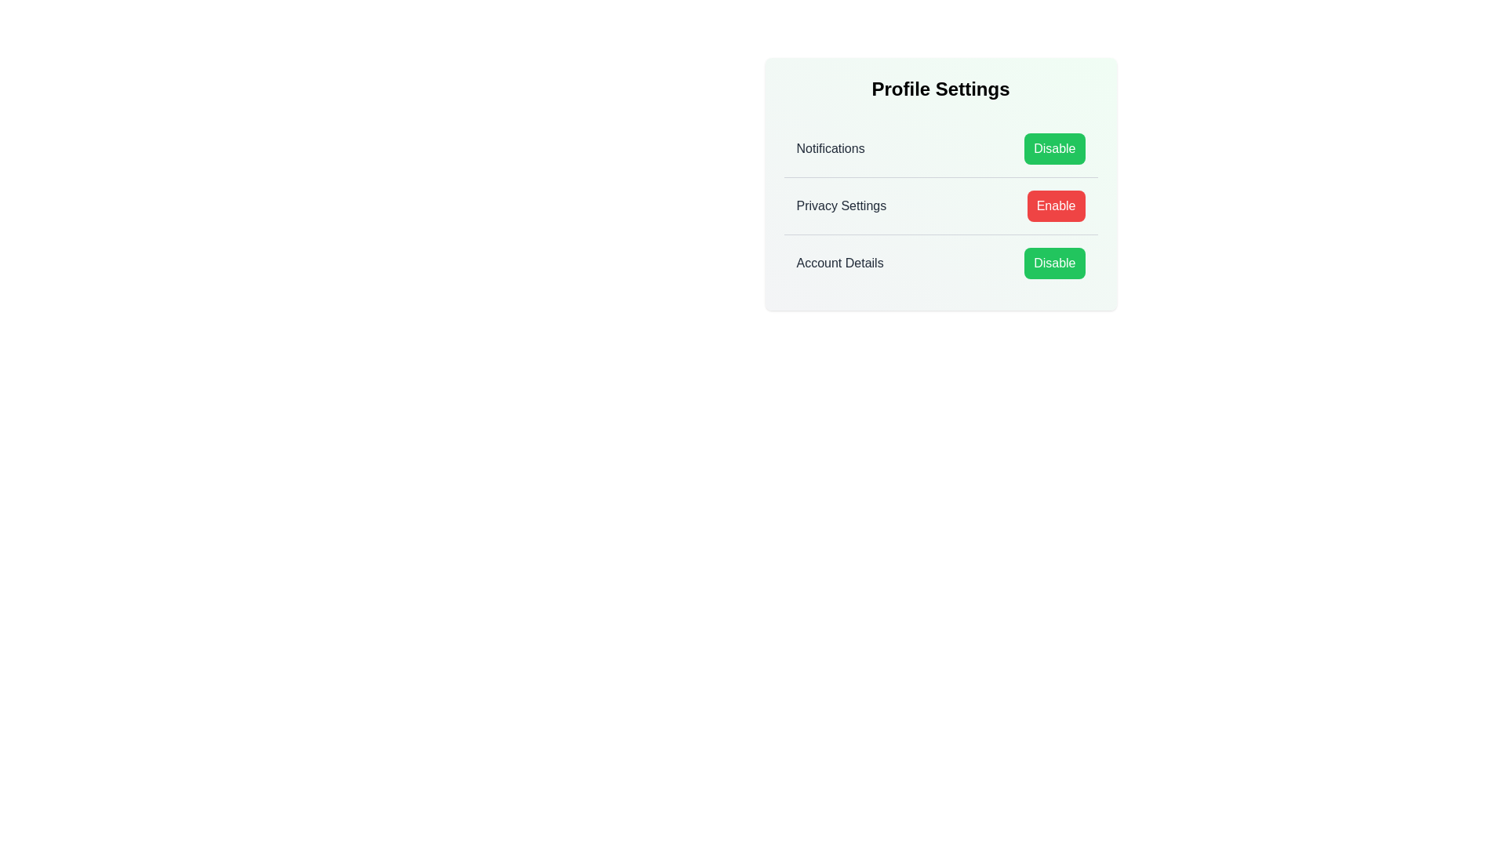  What do you see at coordinates (1055, 205) in the screenshot?
I see `'Enable' button for 'Privacy Settings' to toggle its state` at bounding box center [1055, 205].